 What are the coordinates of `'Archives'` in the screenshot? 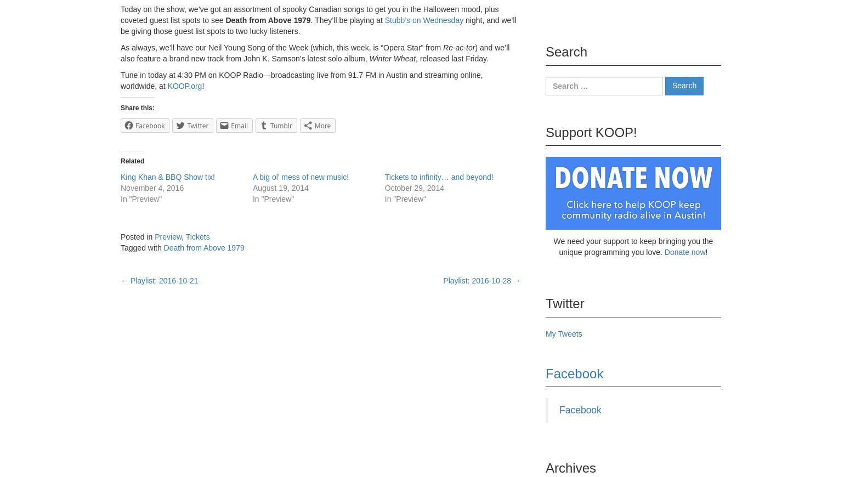 It's located at (545, 468).